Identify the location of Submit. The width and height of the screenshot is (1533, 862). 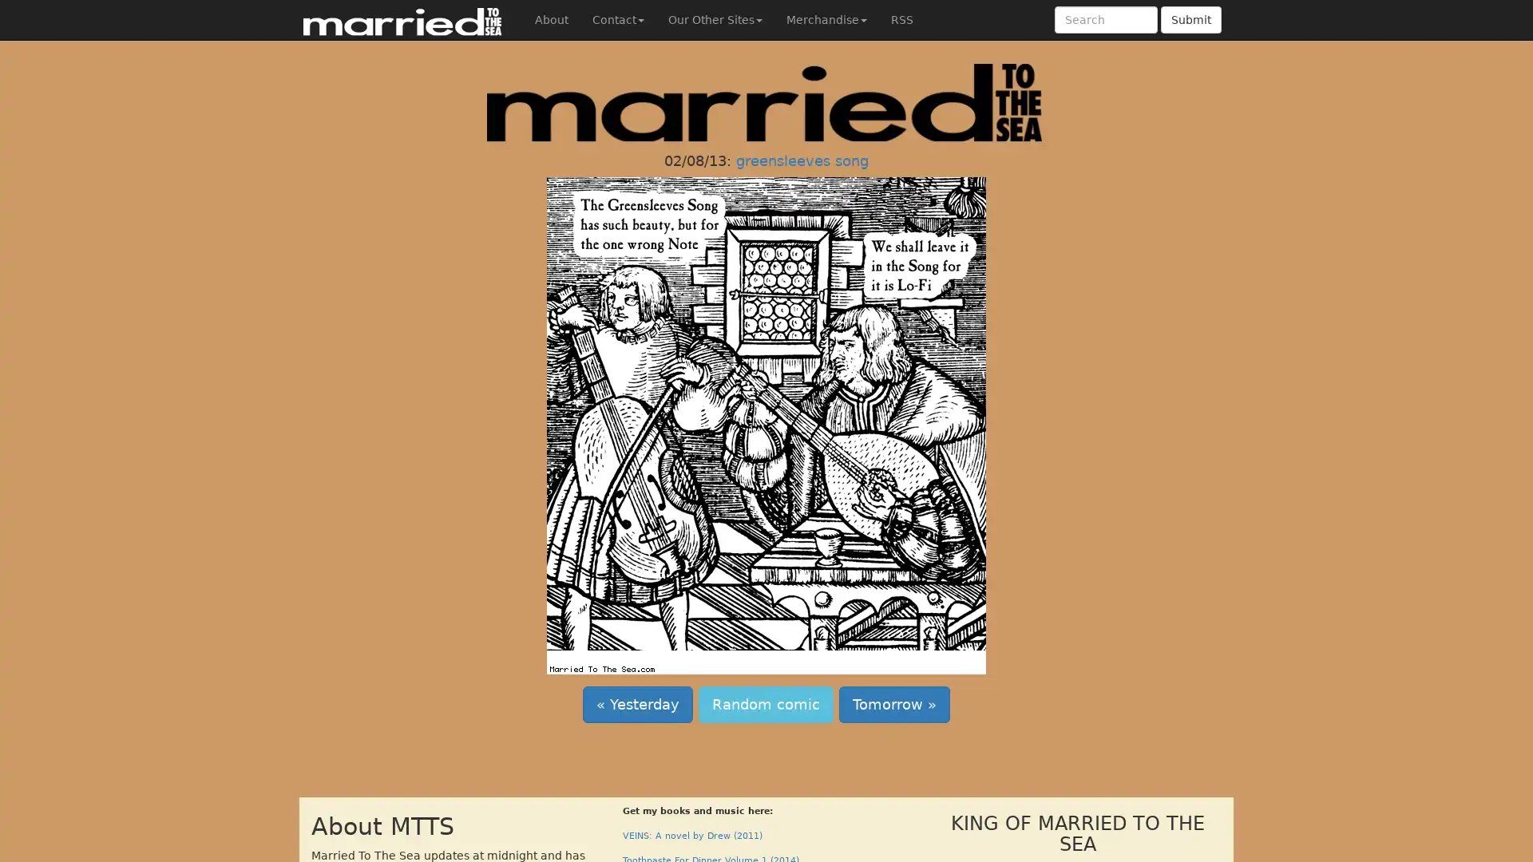
(1191, 19).